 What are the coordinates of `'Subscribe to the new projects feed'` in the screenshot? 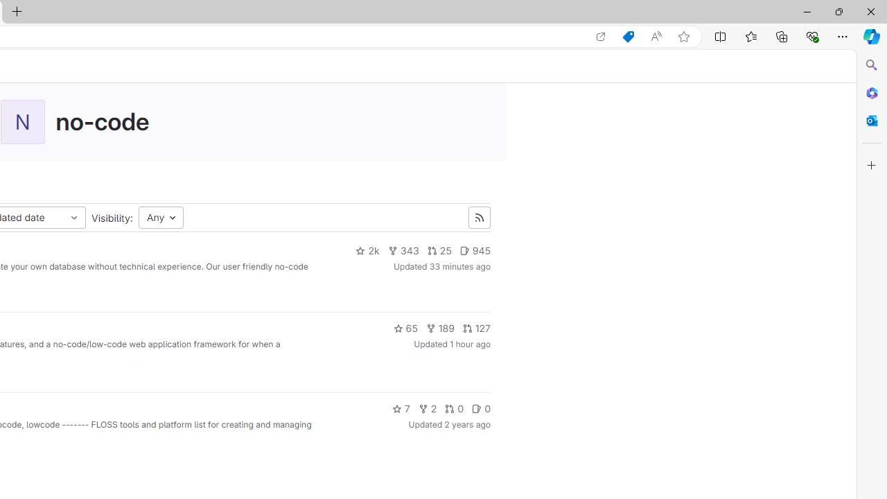 It's located at (479, 218).